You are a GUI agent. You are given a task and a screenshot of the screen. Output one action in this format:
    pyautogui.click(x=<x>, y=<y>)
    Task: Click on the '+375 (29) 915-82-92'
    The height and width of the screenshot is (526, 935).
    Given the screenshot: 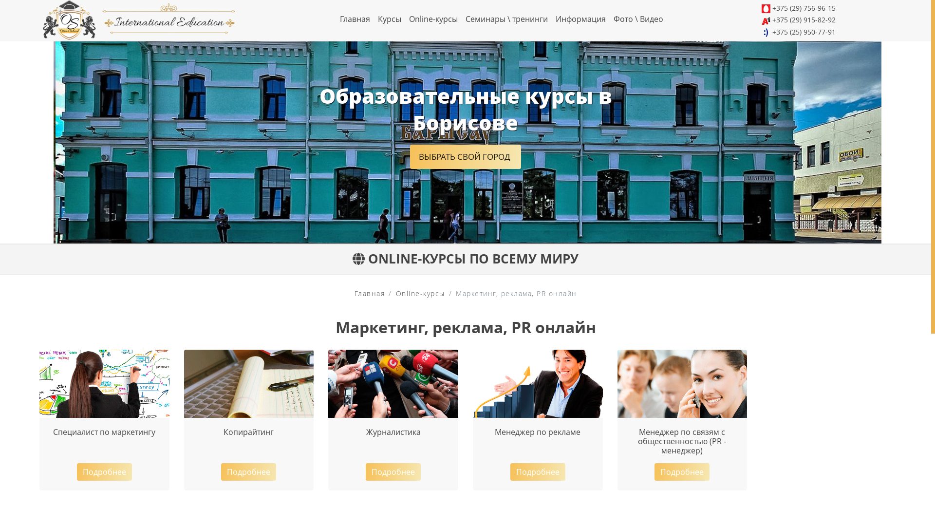 What is the action you would take?
    pyautogui.click(x=804, y=19)
    